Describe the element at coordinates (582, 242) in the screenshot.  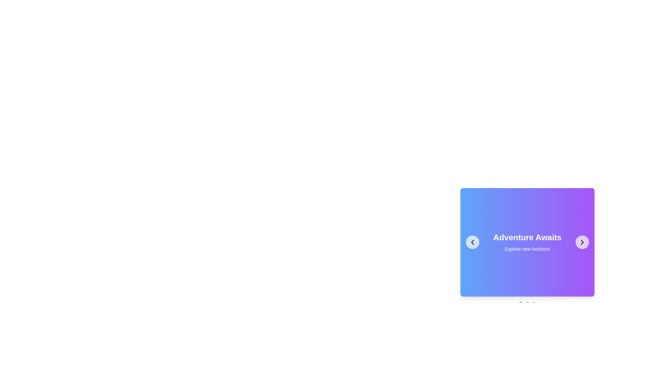
I see `the Chevron button on the right side of the carousel` at that location.